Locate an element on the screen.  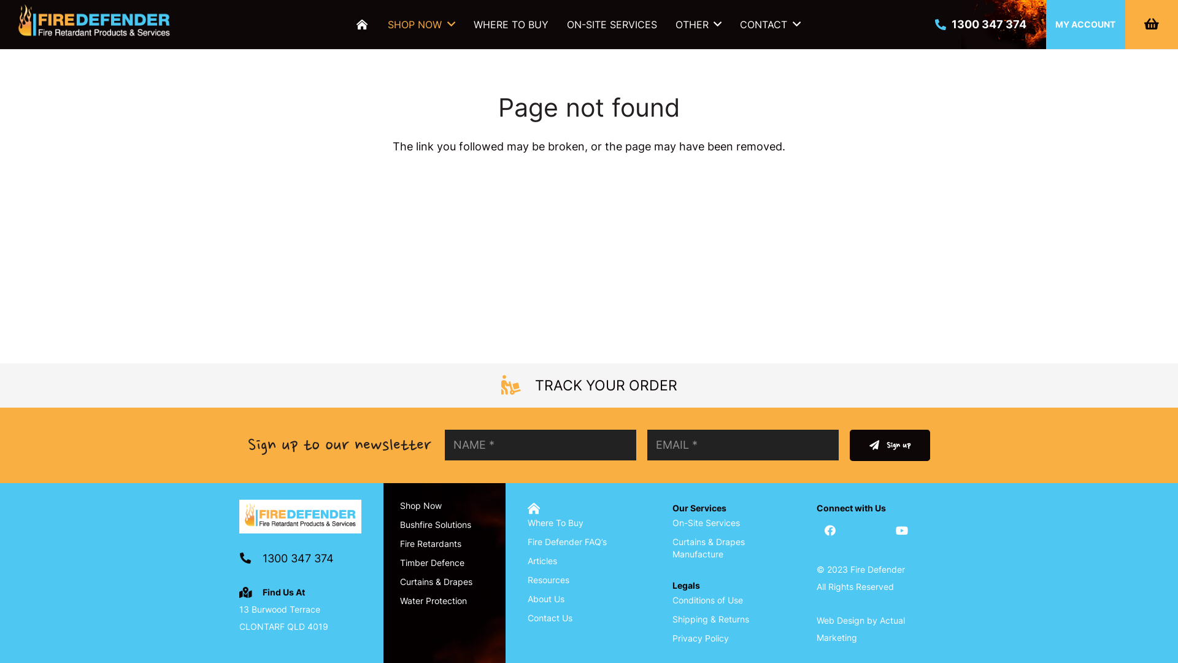
'Shipping & Returns' is located at coordinates (710, 619).